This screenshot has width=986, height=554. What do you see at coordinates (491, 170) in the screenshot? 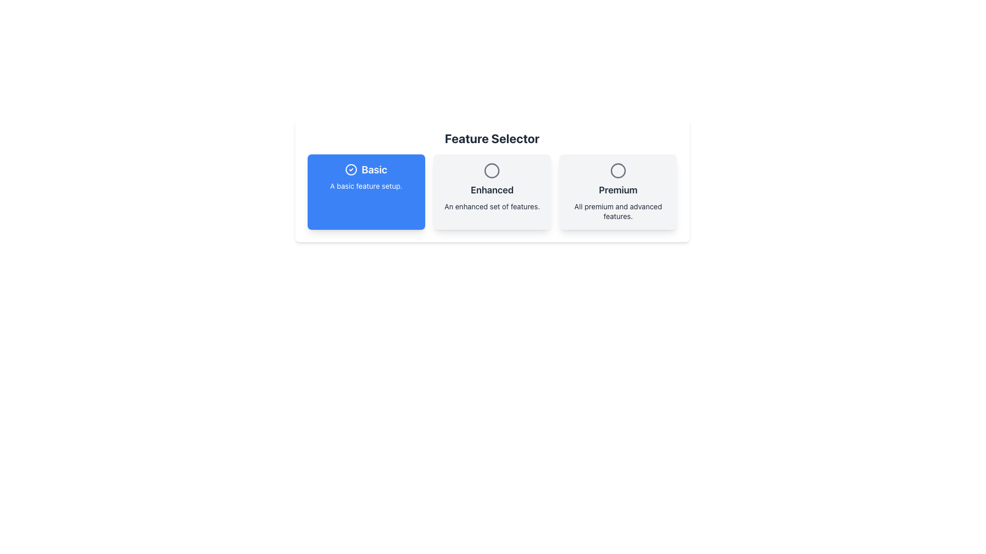
I see `the circular gray hollow icon located at the top-center of the card labeled 'Enhanced'` at bounding box center [491, 170].